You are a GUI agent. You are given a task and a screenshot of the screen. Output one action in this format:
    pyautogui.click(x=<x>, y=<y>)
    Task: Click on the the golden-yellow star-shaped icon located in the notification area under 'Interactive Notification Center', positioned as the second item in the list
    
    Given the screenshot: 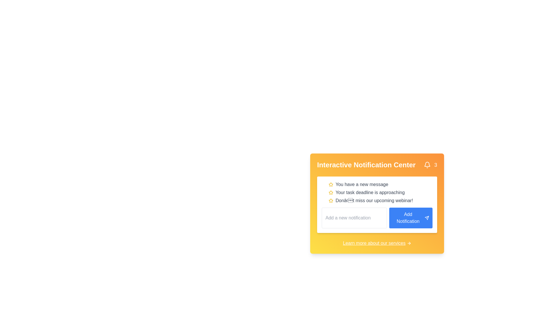 What is the action you would take?
    pyautogui.click(x=331, y=184)
    